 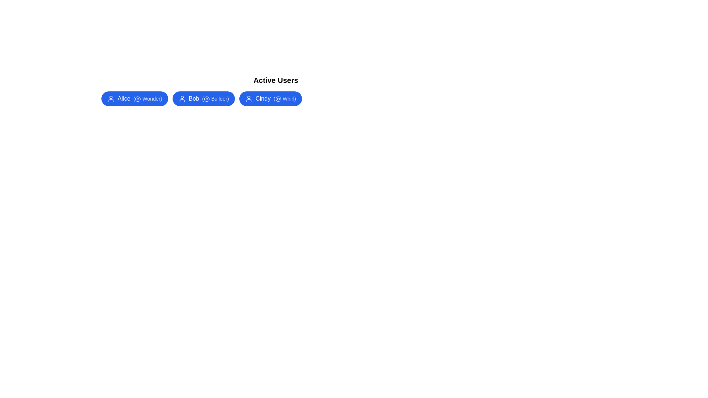 I want to click on icon inside the user chip for Bob, so click(x=182, y=98).